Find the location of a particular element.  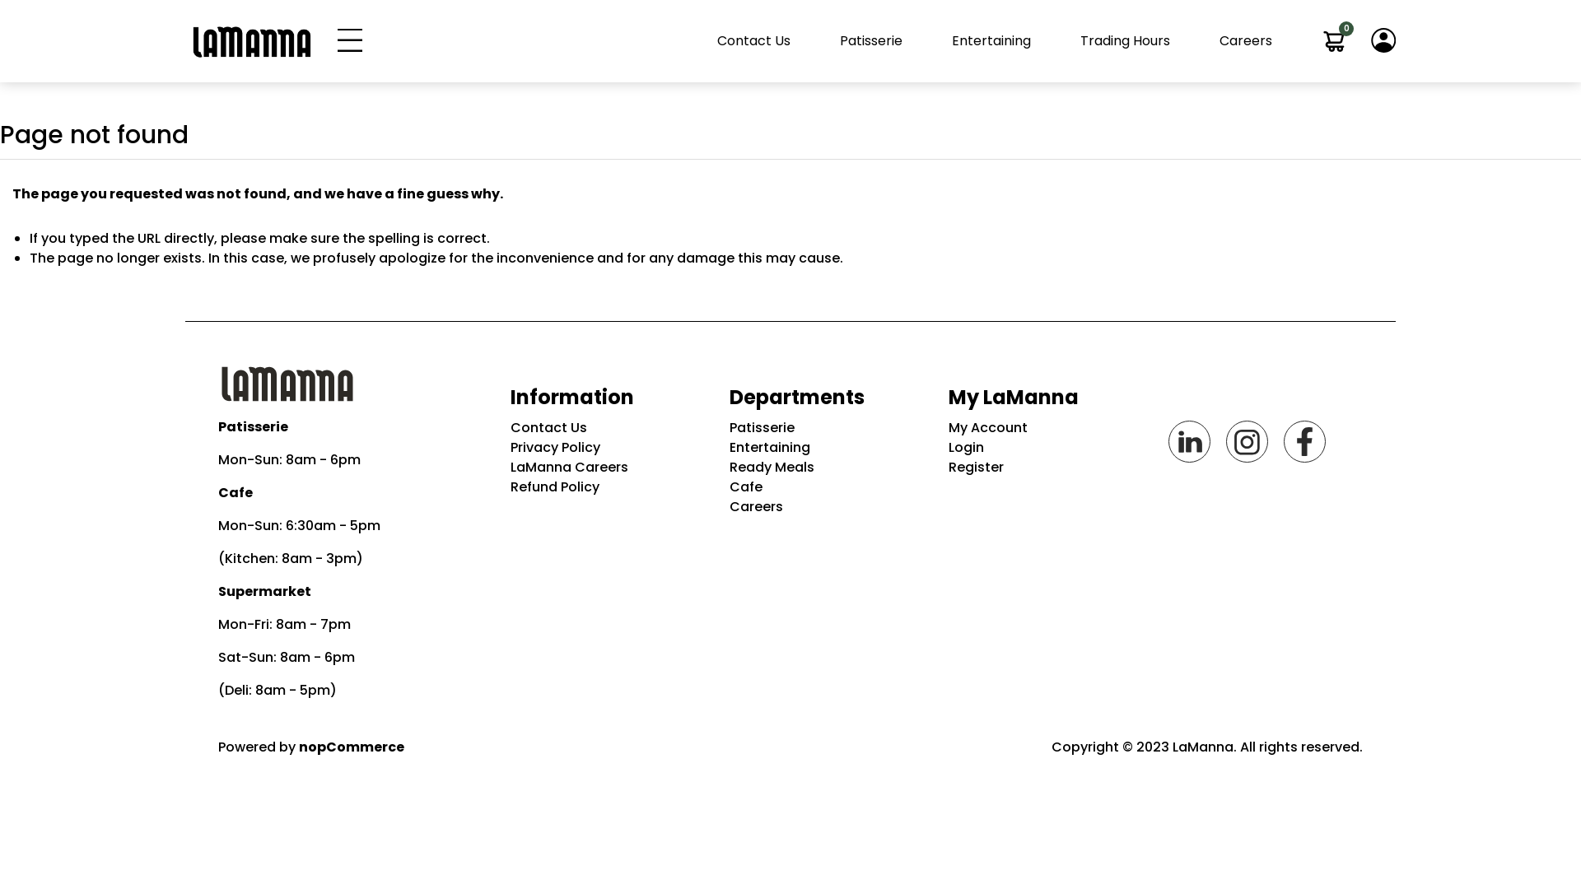

'Entertaining' is located at coordinates (991, 40).